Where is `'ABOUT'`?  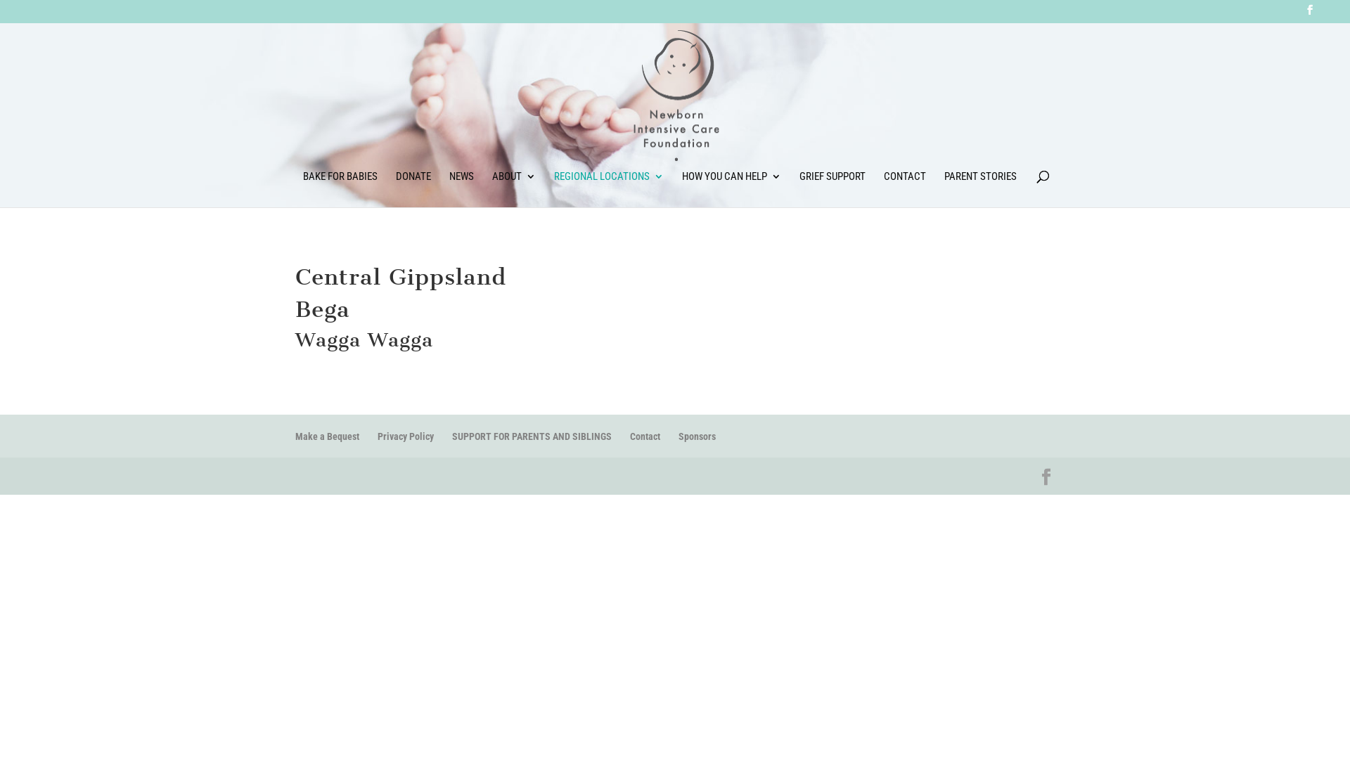 'ABOUT' is located at coordinates (492, 188).